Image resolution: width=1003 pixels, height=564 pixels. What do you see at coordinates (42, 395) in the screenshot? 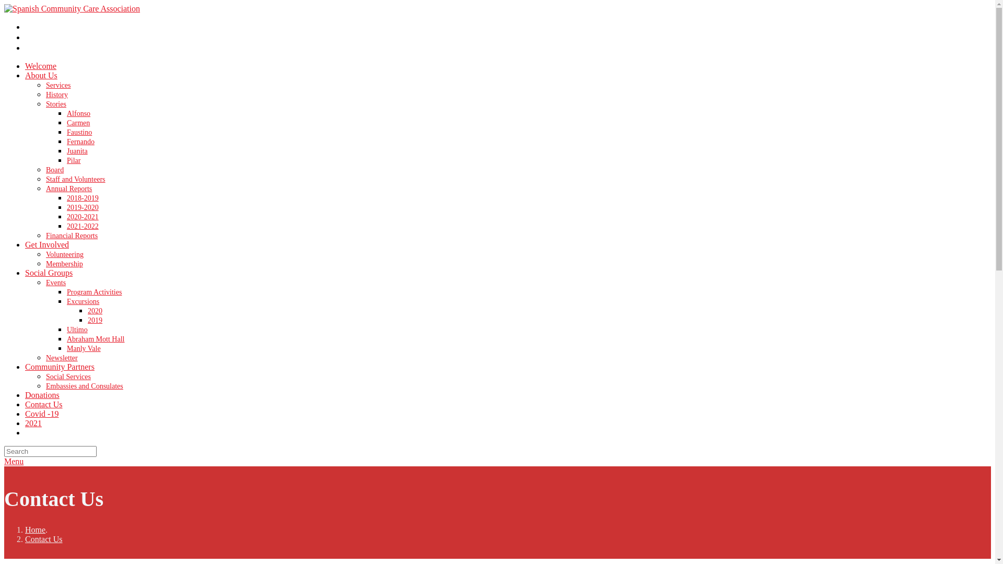
I see `'Donations'` at bounding box center [42, 395].